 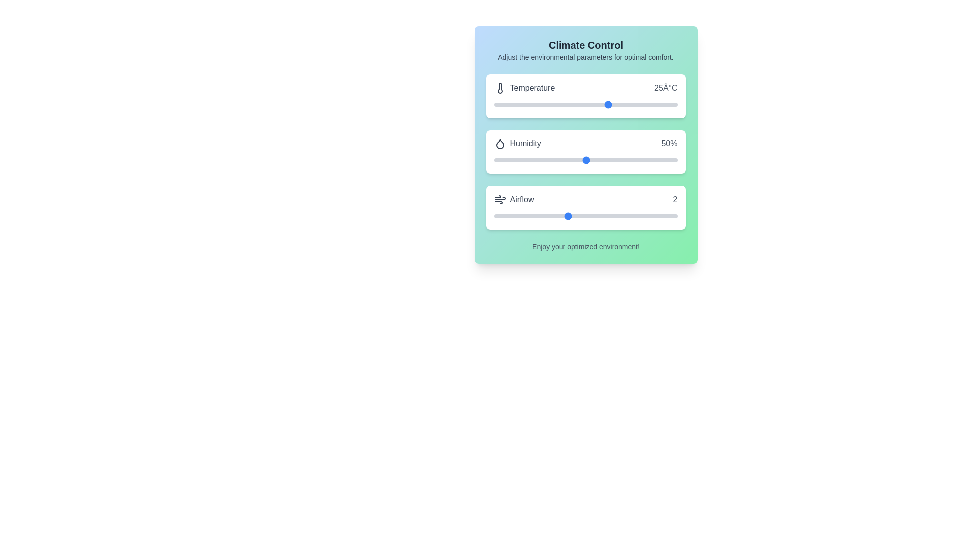 What do you see at coordinates (494, 104) in the screenshot?
I see `the temperature slider to 0°C` at bounding box center [494, 104].